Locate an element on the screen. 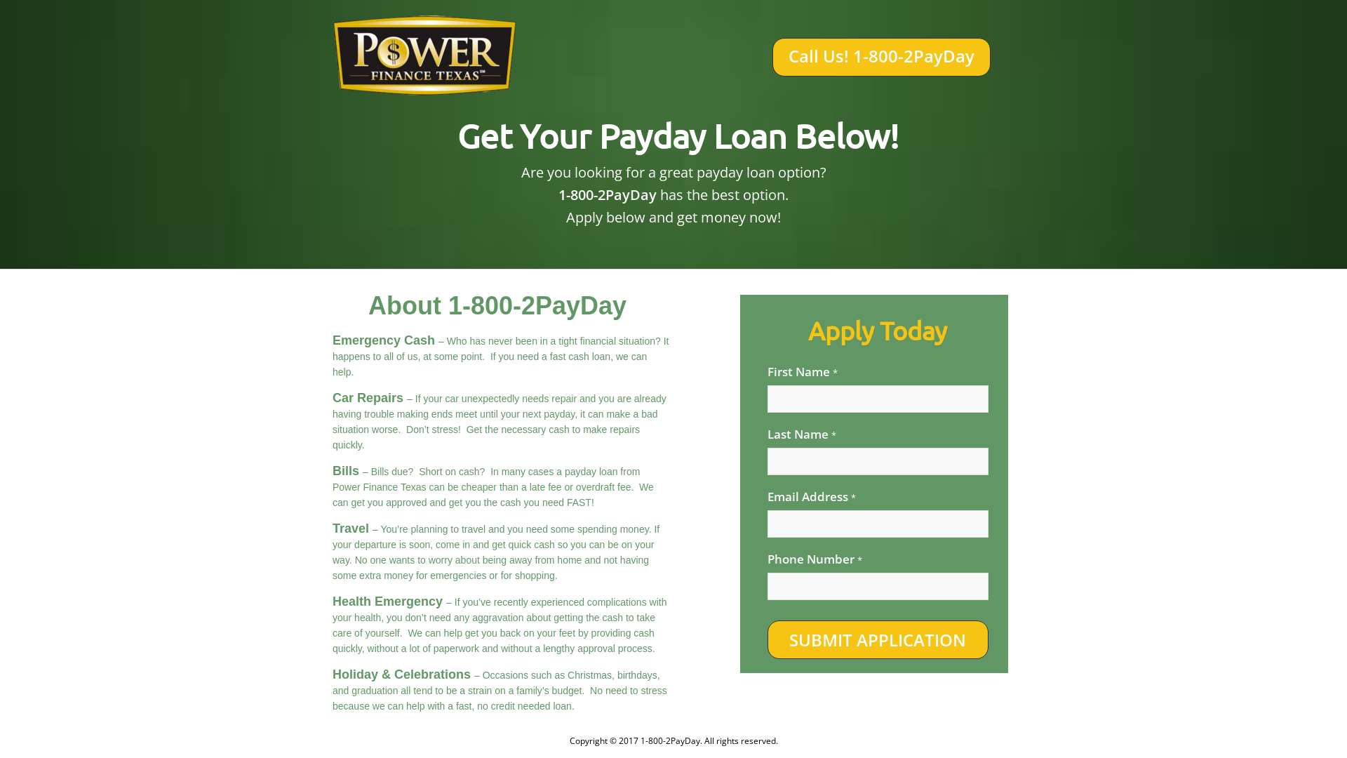  'tax' is located at coordinates (424, 56).